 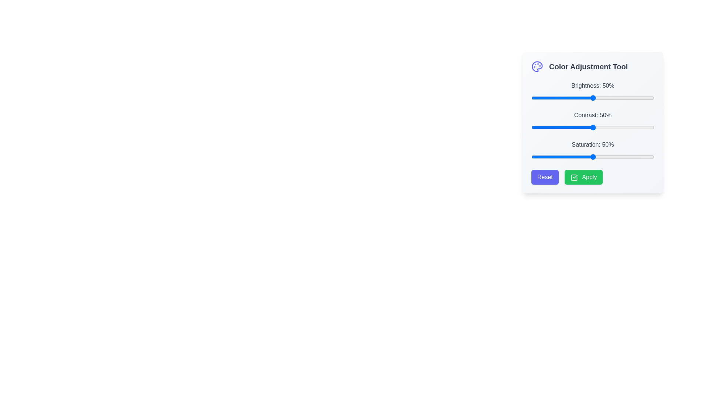 I want to click on the contrast, so click(x=537, y=127).